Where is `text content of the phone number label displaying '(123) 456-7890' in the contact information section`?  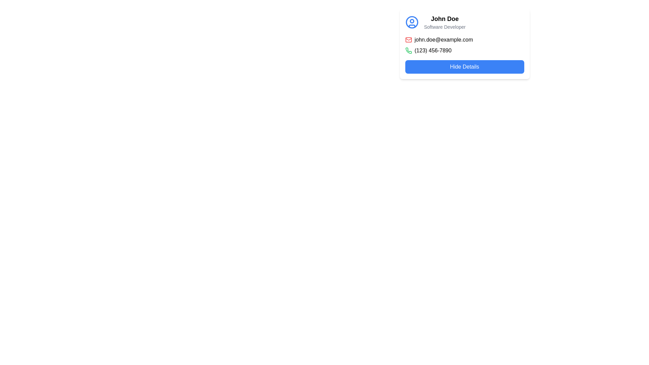
text content of the phone number label displaying '(123) 456-7890' in the contact information section is located at coordinates (433, 50).